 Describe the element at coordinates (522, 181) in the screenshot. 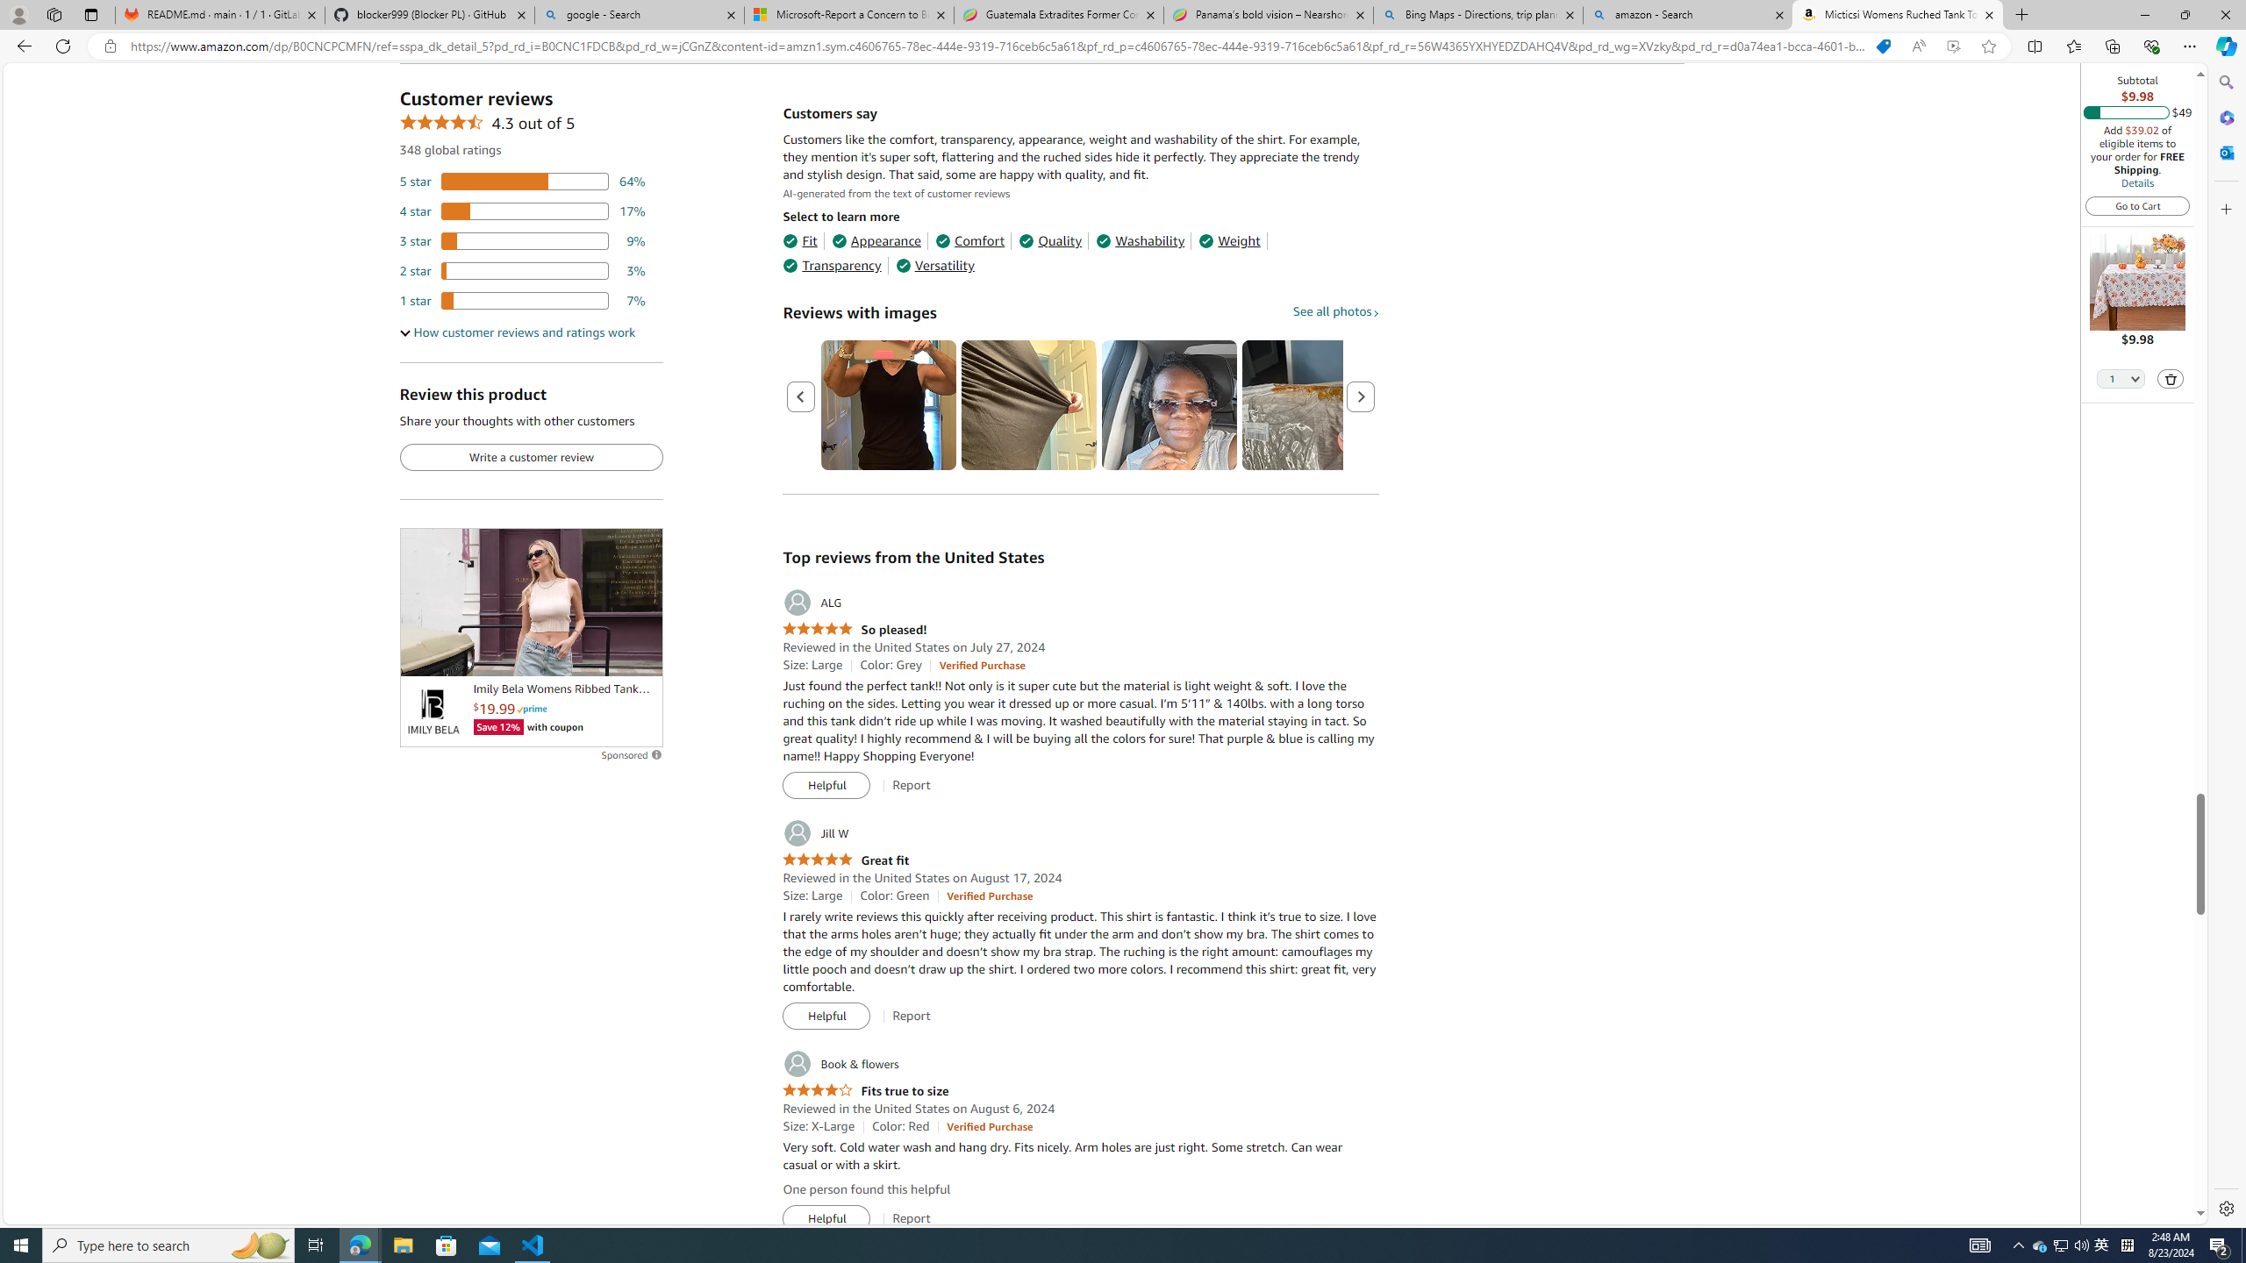

I see `'64 percent of reviews have 5 stars'` at that location.